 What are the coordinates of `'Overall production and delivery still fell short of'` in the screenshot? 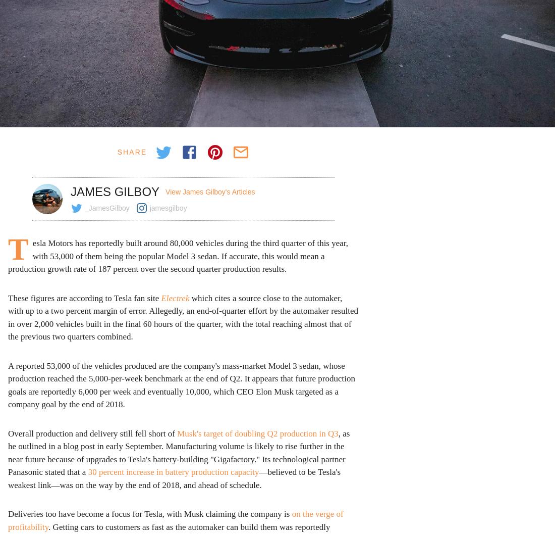 It's located at (92, 433).